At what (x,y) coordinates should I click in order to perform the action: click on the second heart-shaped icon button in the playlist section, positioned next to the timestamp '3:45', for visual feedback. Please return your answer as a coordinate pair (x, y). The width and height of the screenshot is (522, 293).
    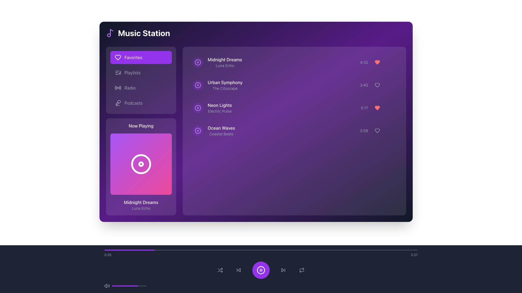
    Looking at the image, I should click on (377, 85).